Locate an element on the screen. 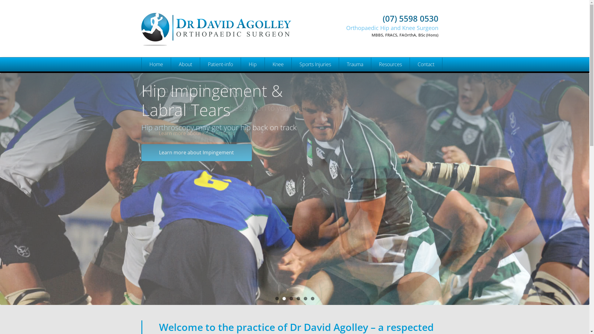 The image size is (594, 334). 'Learn more about Impingement' is located at coordinates (196, 152).